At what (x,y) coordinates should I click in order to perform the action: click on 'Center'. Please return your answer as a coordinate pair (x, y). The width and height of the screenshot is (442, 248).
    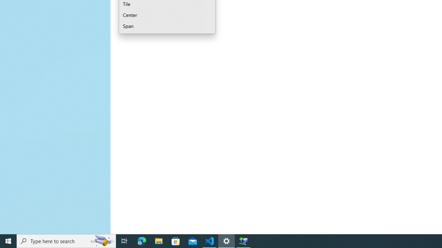
    Looking at the image, I should click on (167, 15).